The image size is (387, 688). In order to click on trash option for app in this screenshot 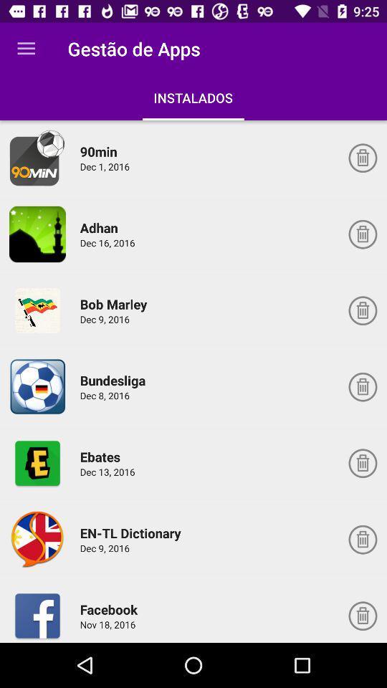, I will do `click(362, 158)`.